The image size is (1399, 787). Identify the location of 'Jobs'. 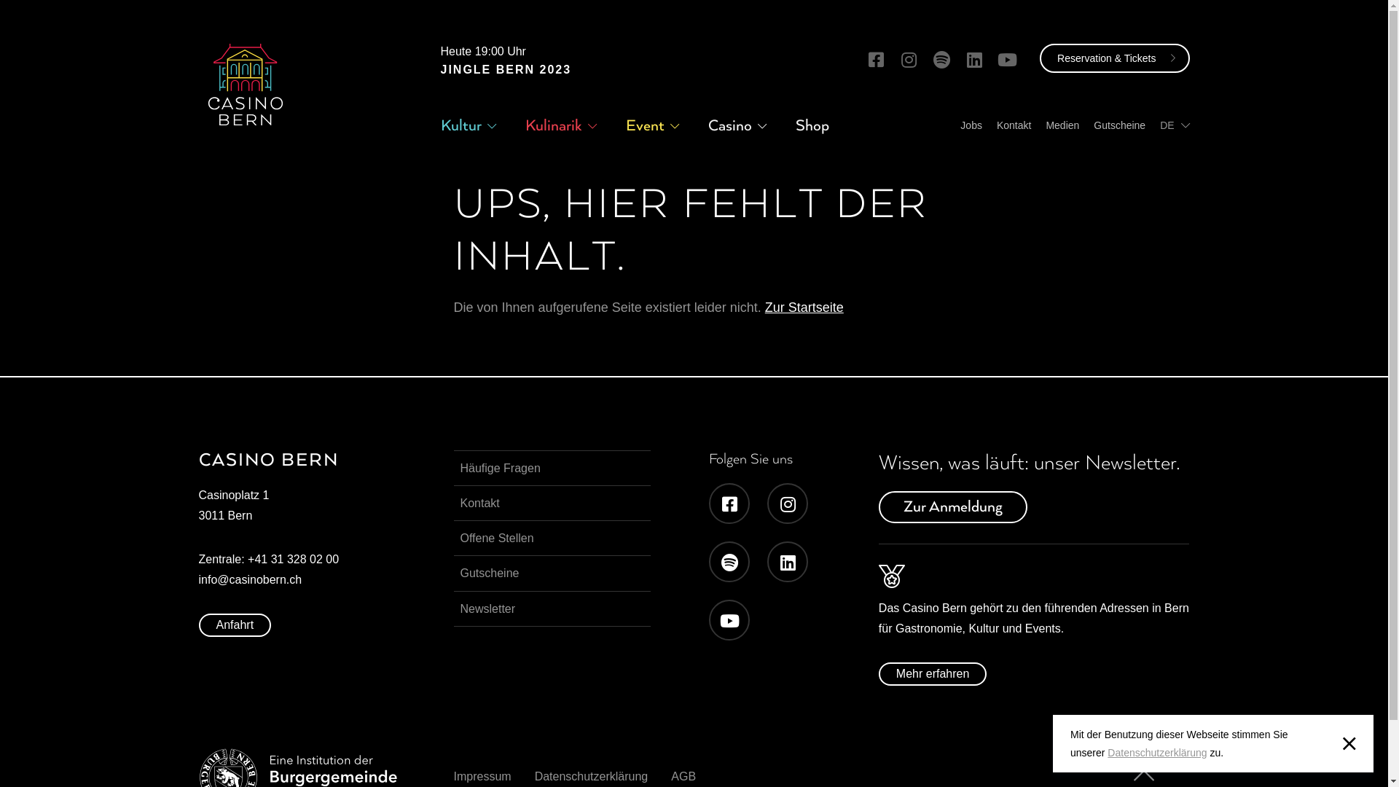
(960, 125).